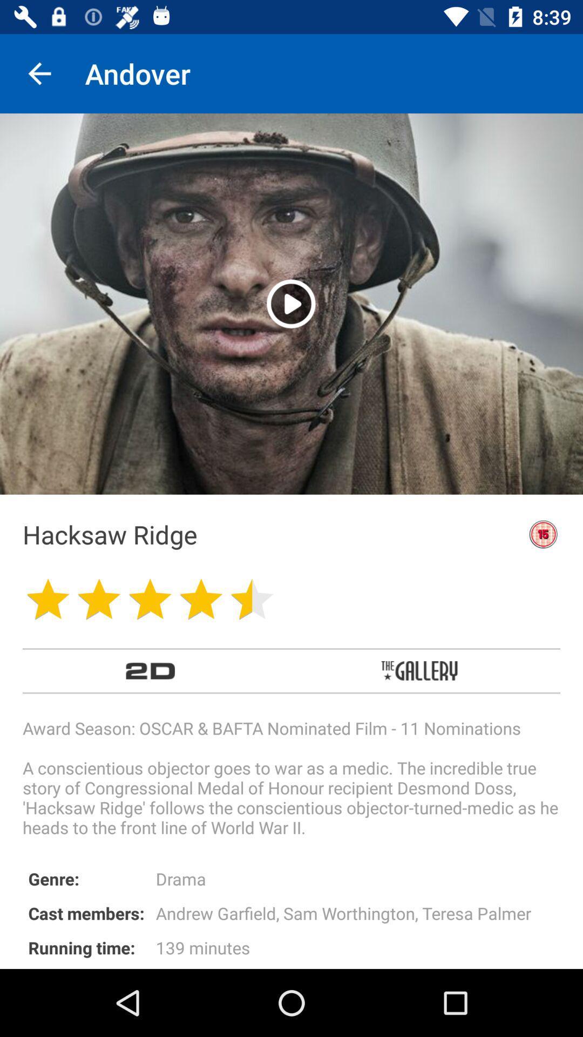 The width and height of the screenshot is (583, 1037). What do you see at coordinates (290, 303) in the screenshot?
I see `video` at bounding box center [290, 303].